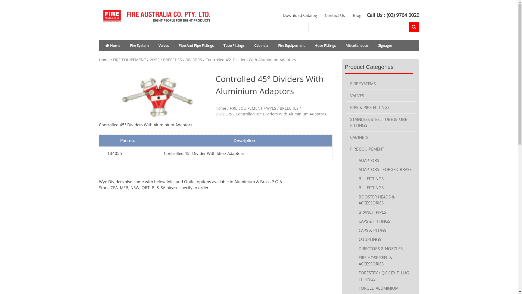 This screenshot has height=294, width=522. Describe the element at coordinates (139, 45) in the screenshot. I see `'Fire System'` at that location.